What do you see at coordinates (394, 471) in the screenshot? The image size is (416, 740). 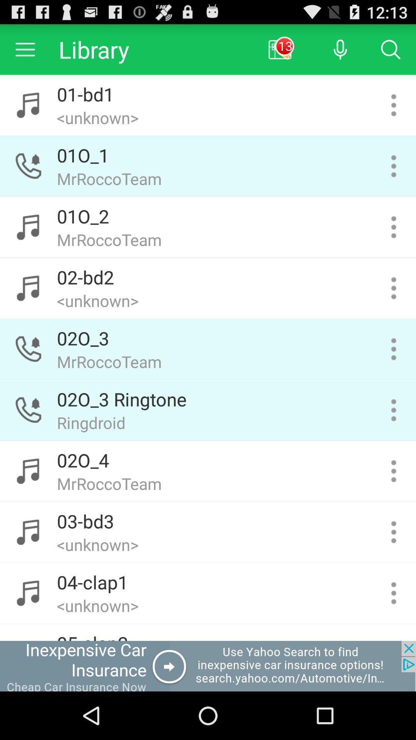 I see `more details` at bounding box center [394, 471].